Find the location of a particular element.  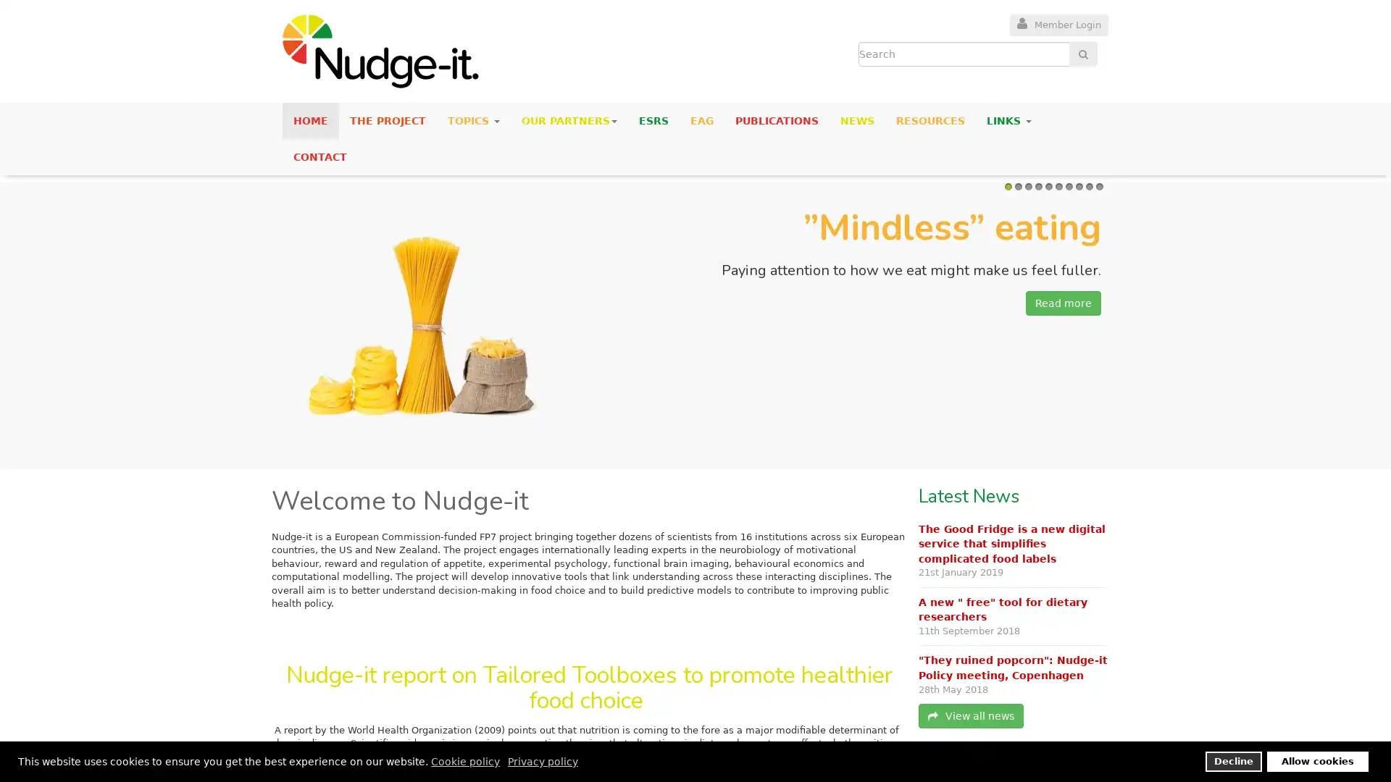

deny cookies is located at coordinates (1233, 760).